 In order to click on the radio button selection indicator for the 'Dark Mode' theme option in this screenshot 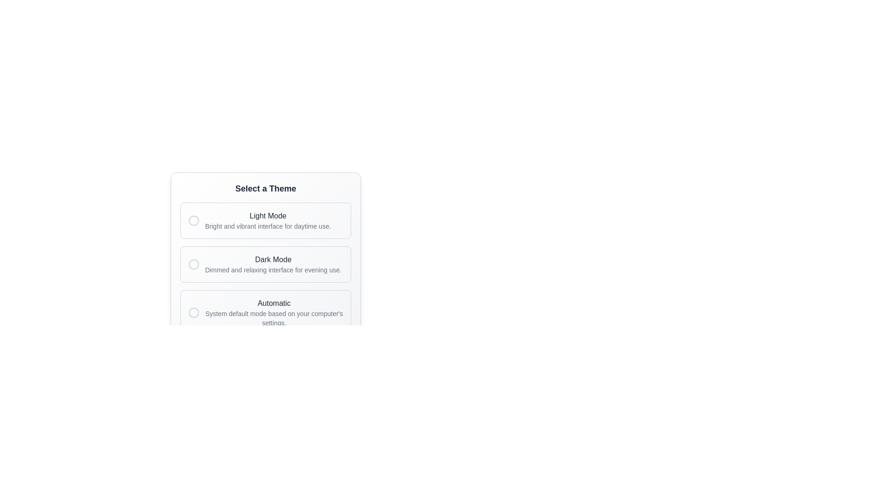, I will do `click(193, 264)`.